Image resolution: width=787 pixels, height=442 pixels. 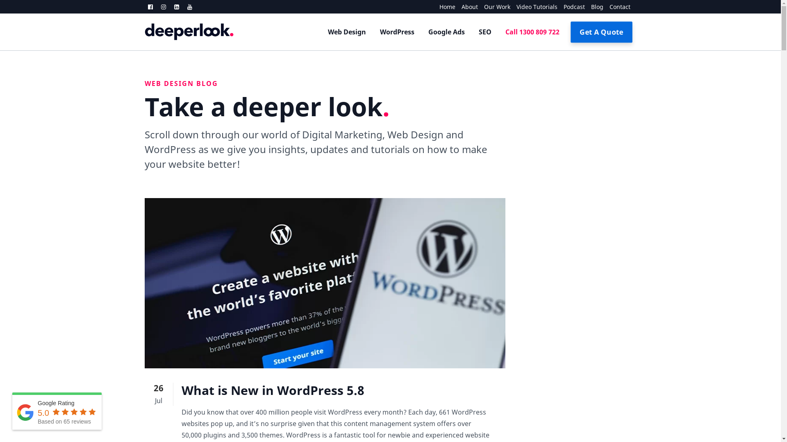 I want to click on 'SEO', so click(x=484, y=31).